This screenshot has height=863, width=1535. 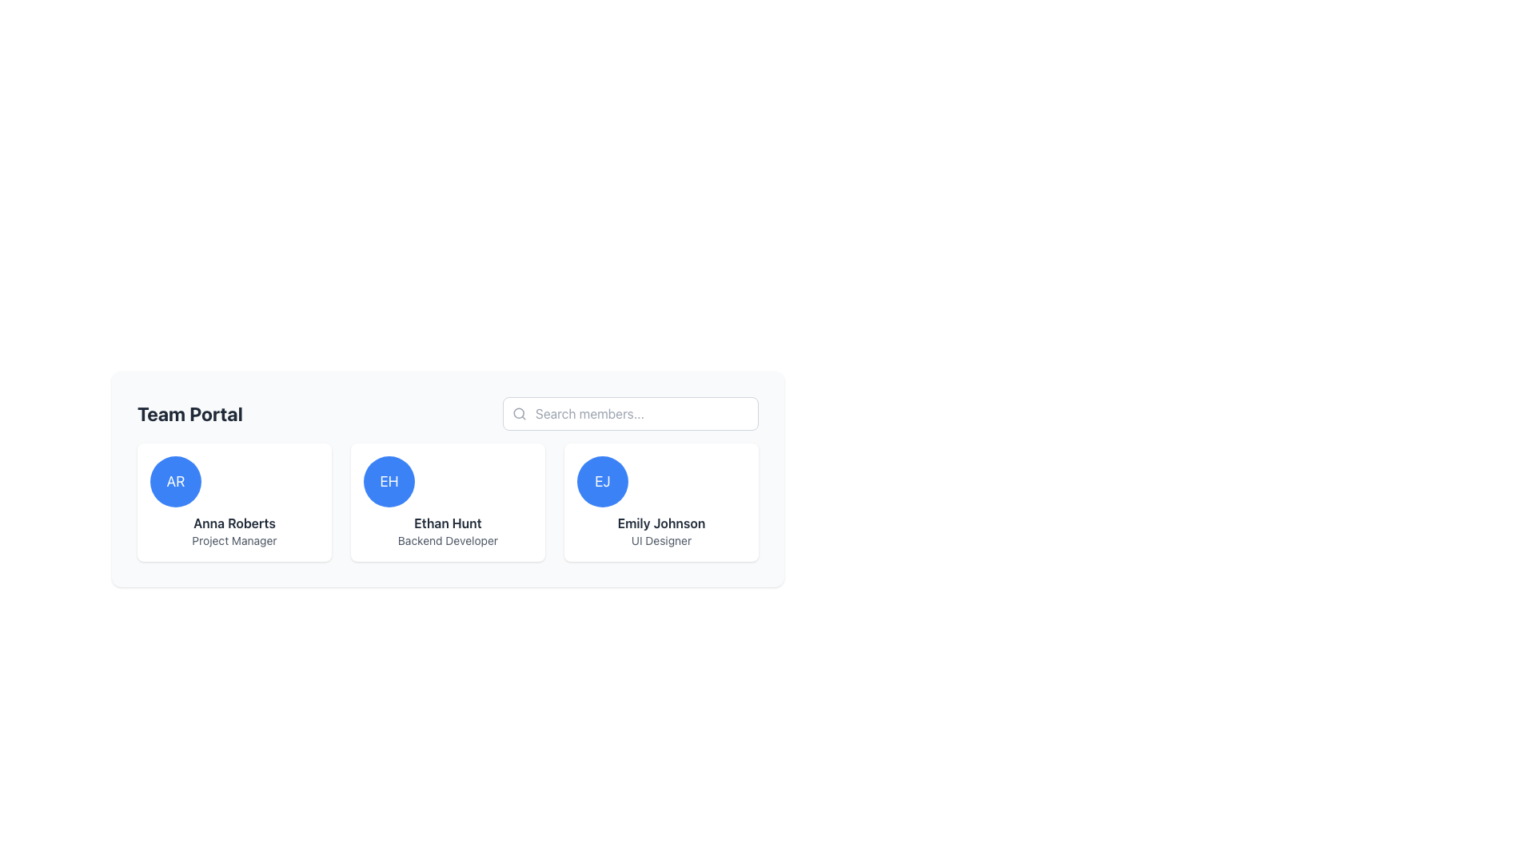 What do you see at coordinates (448, 523) in the screenshot?
I see `text label displaying the full name 'Ethan Hunt', which is centrally located within its card structure, part of a layout containing a circular avatar and a smaller label below` at bounding box center [448, 523].